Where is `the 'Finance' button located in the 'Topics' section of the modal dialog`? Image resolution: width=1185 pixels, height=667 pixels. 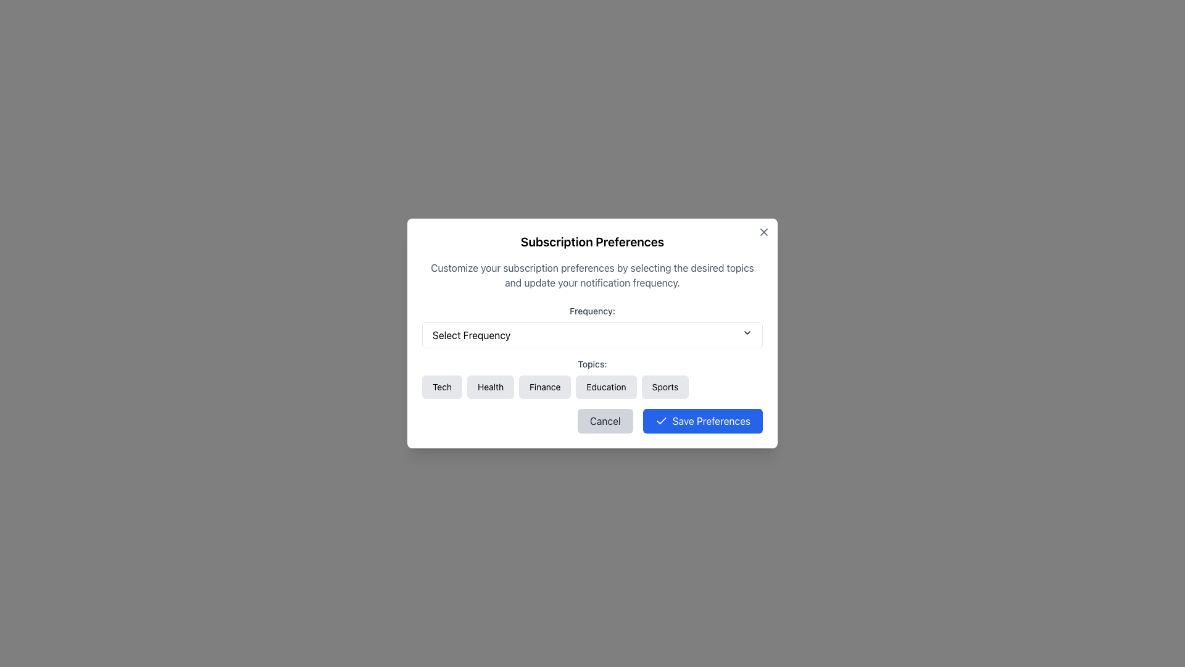
the 'Finance' button located in the 'Topics' section of the modal dialog is located at coordinates (544, 387).